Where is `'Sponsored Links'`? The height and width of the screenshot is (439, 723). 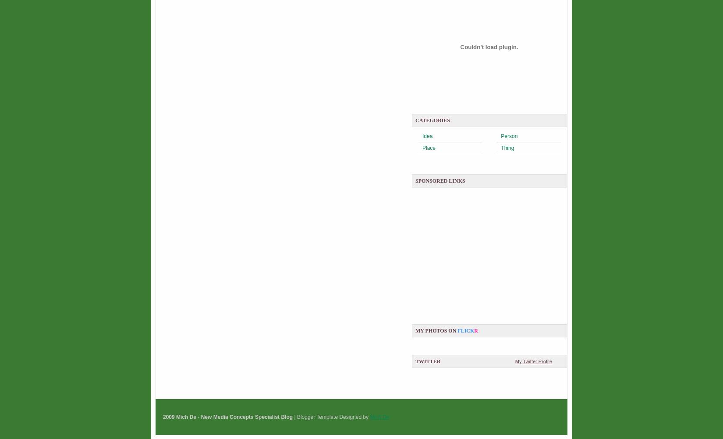
'Sponsored Links' is located at coordinates (440, 181).